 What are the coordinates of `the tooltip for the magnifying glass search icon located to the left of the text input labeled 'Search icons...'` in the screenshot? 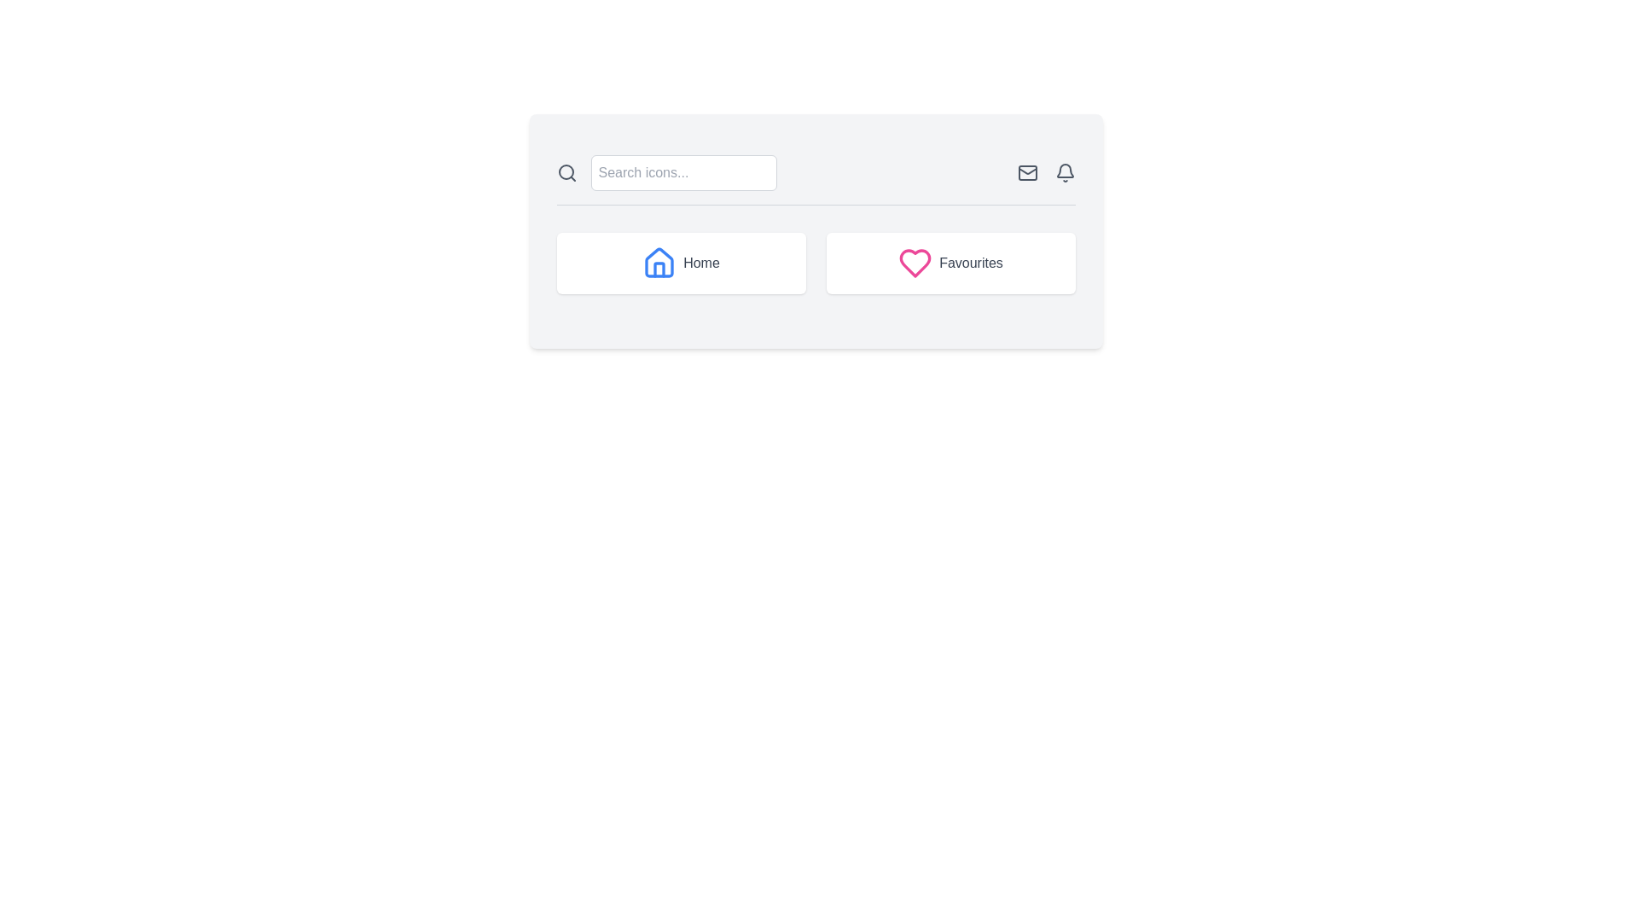 It's located at (566, 173).